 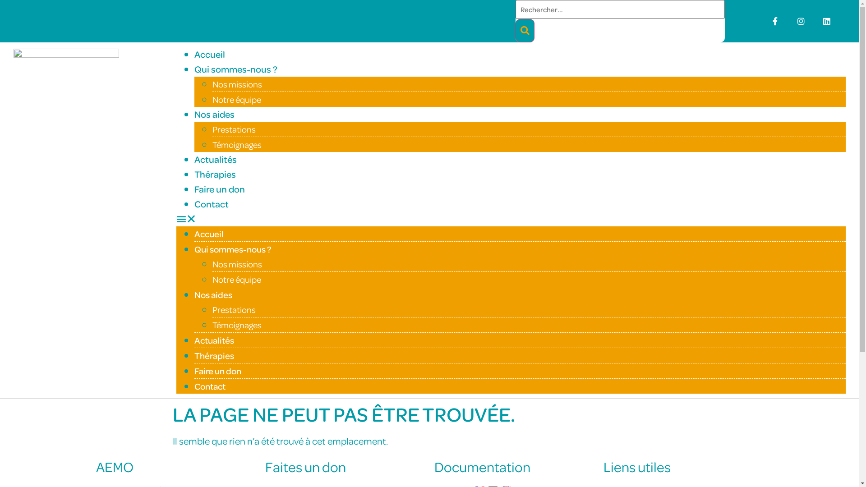 I want to click on 'Faire un don', so click(x=218, y=371).